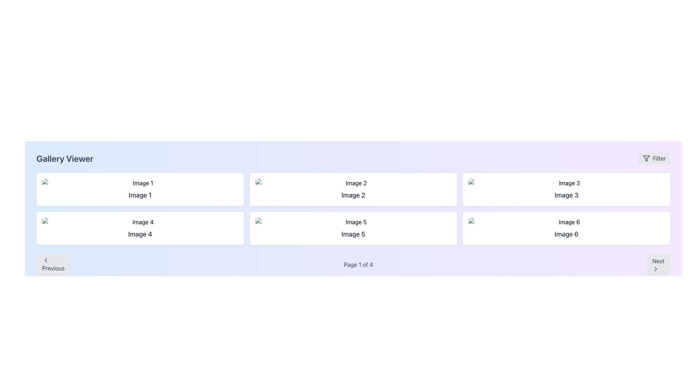  What do you see at coordinates (140, 189) in the screenshot?
I see `the Image card with label located in the first row and first column of the grid layout, serving as a visual representation of an image` at bounding box center [140, 189].